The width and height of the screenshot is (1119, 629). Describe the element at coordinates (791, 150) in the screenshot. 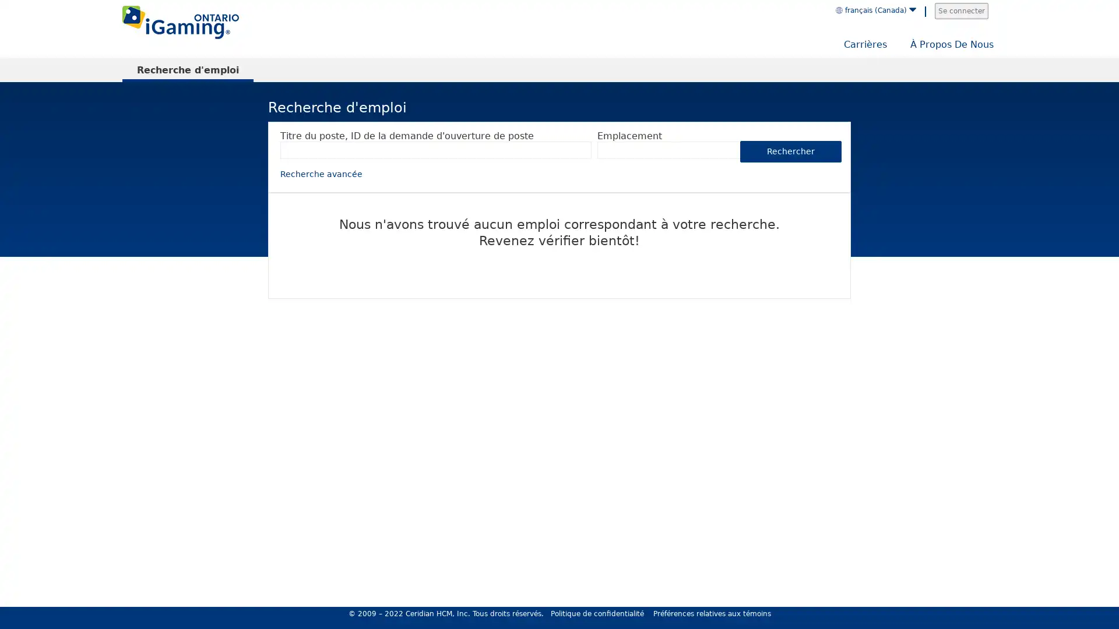

I see `Rechercher` at that location.